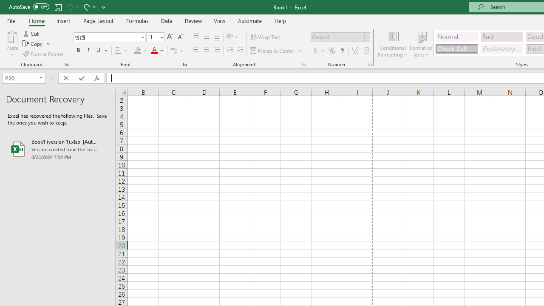 This screenshot has width=544, height=306. I want to click on 'Format Cell Font', so click(184, 64).